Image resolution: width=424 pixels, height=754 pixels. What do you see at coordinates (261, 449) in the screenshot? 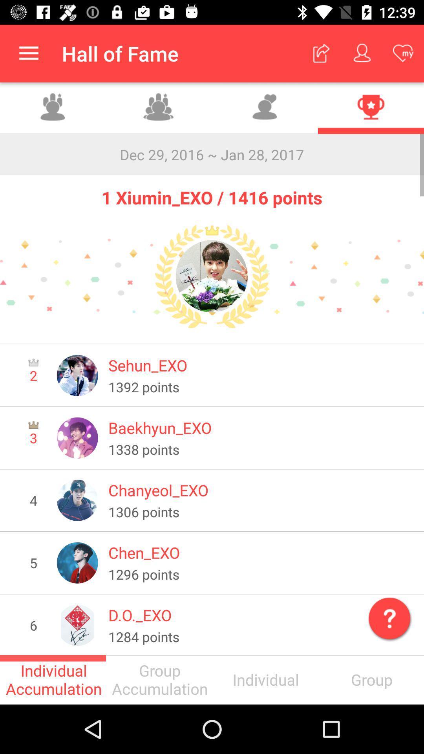
I see `the item above chanyeol_exo icon` at bounding box center [261, 449].